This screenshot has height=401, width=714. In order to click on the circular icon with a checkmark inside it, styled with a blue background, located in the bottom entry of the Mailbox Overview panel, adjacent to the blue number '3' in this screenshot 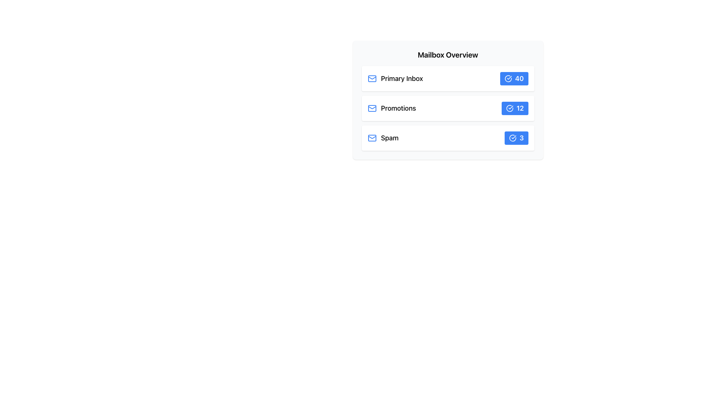, I will do `click(512, 138)`.